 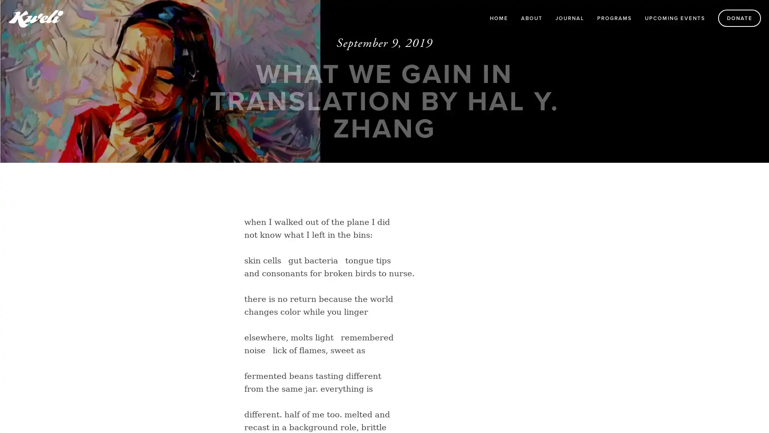 What do you see at coordinates (501, 60) in the screenshot?
I see `Close` at bounding box center [501, 60].